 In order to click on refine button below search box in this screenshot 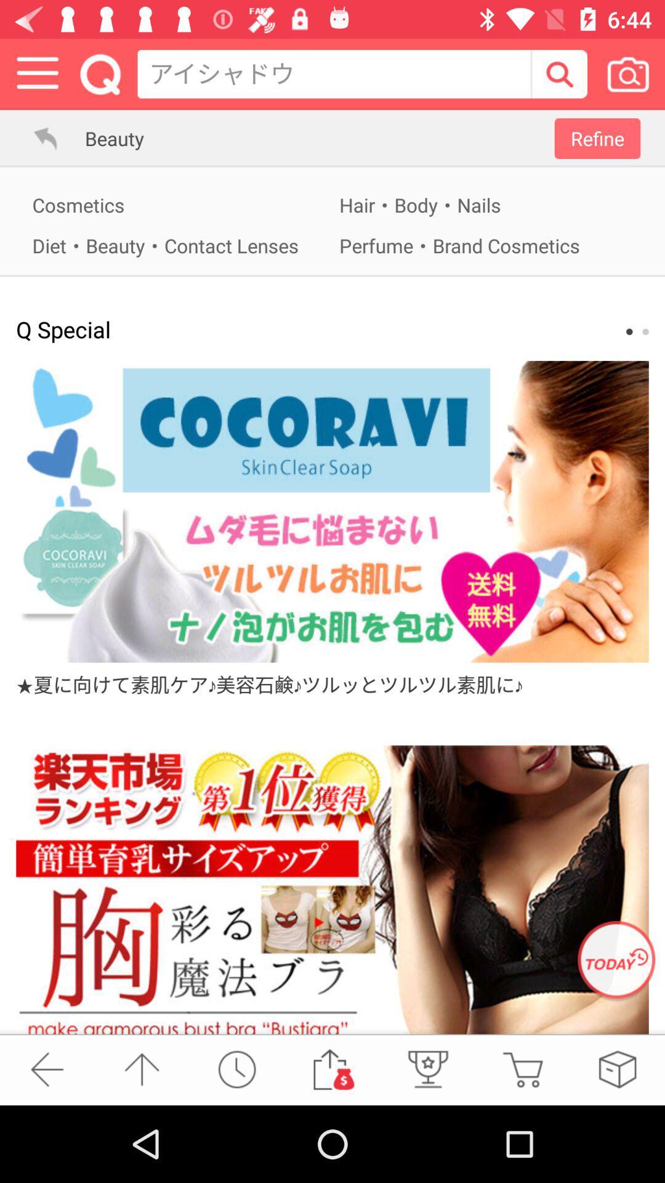, I will do `click(597, 139)`.